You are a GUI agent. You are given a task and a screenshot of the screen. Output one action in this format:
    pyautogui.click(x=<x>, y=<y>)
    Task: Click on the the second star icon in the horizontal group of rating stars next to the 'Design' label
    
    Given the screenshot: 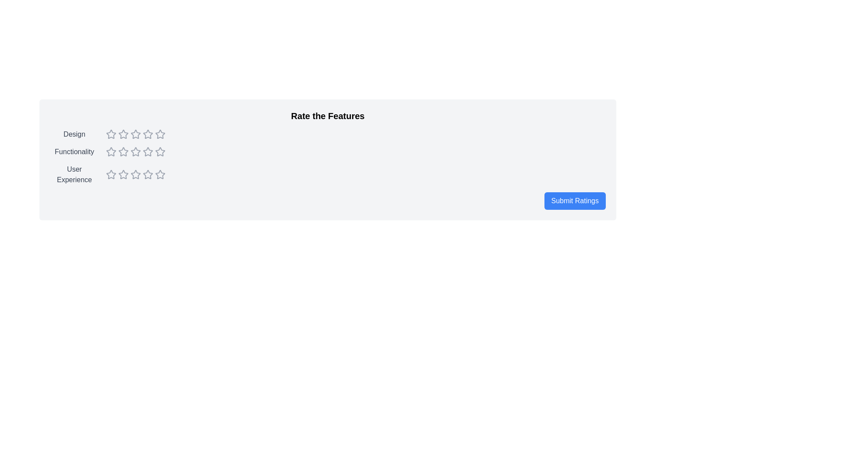 What is the action you would take?
    pyautogui.click(x=123, y=134)
    